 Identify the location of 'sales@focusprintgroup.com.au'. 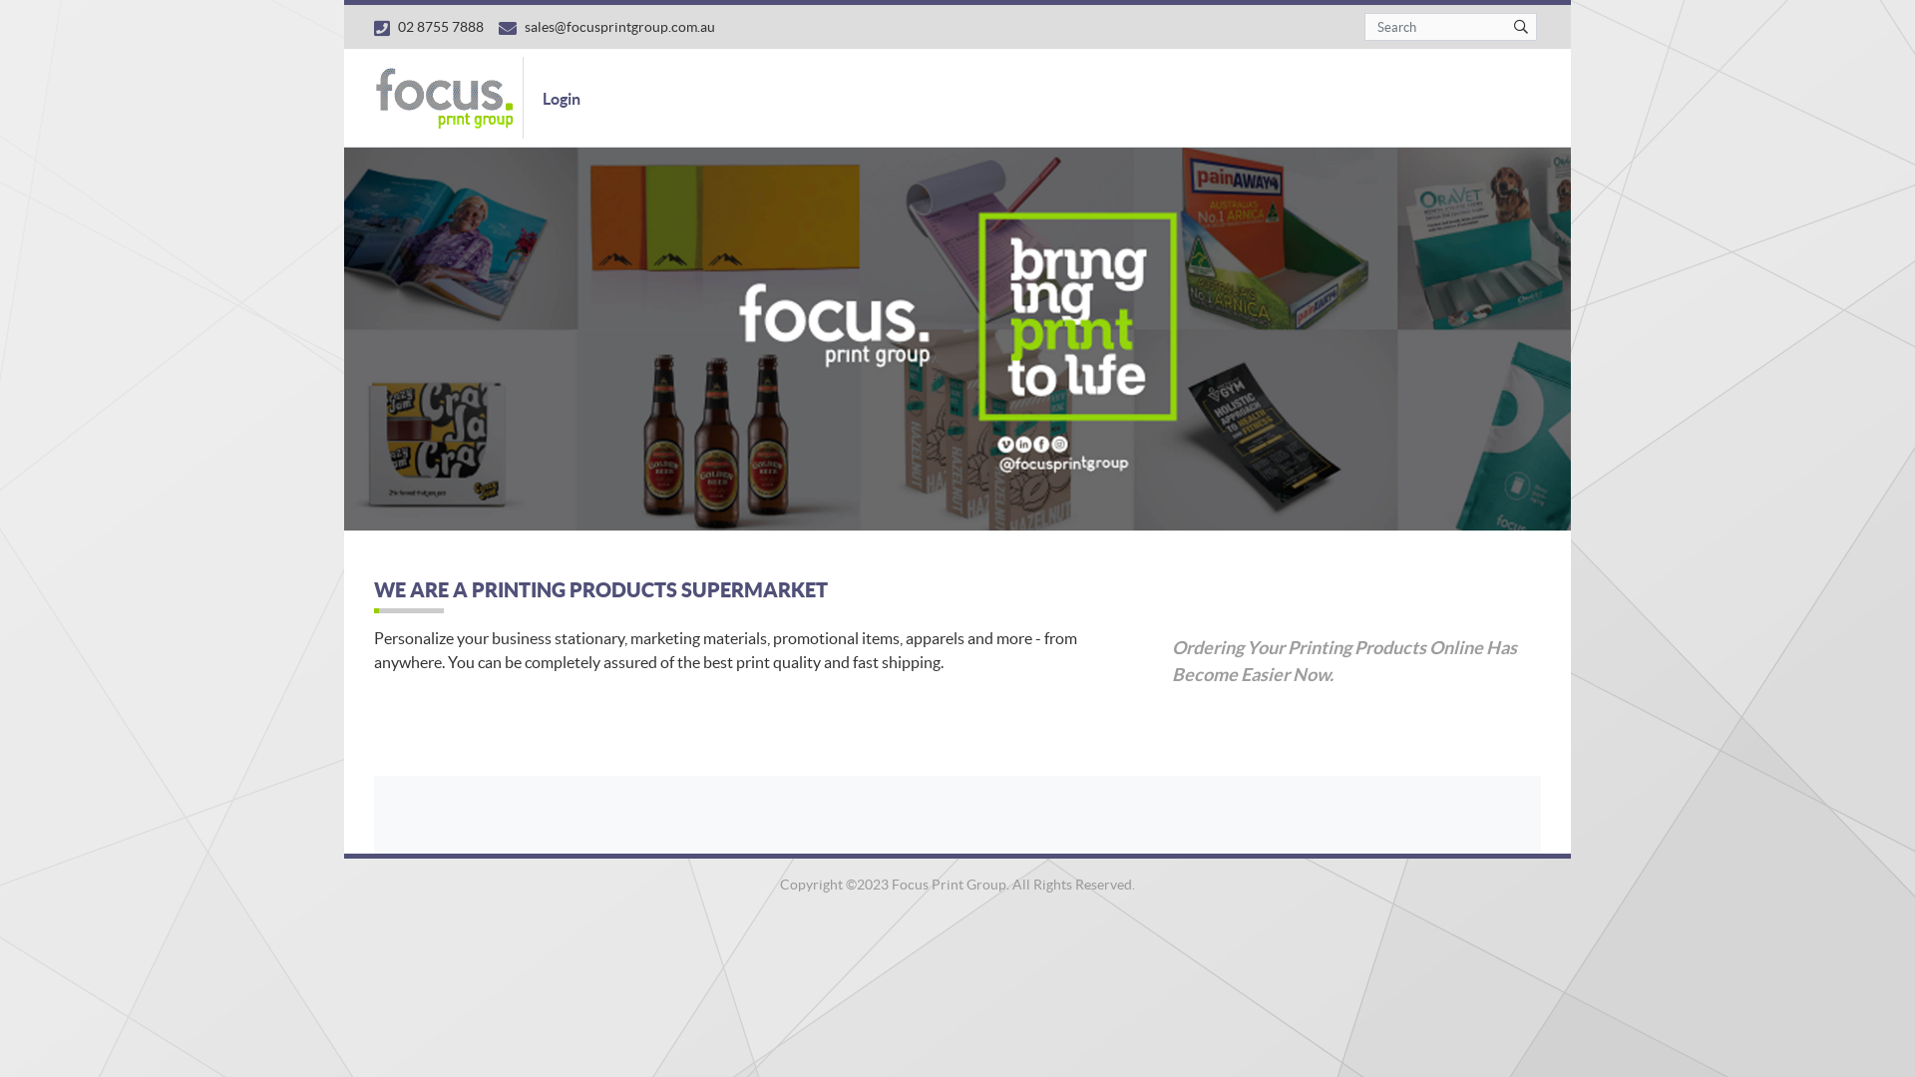
(498, 26).